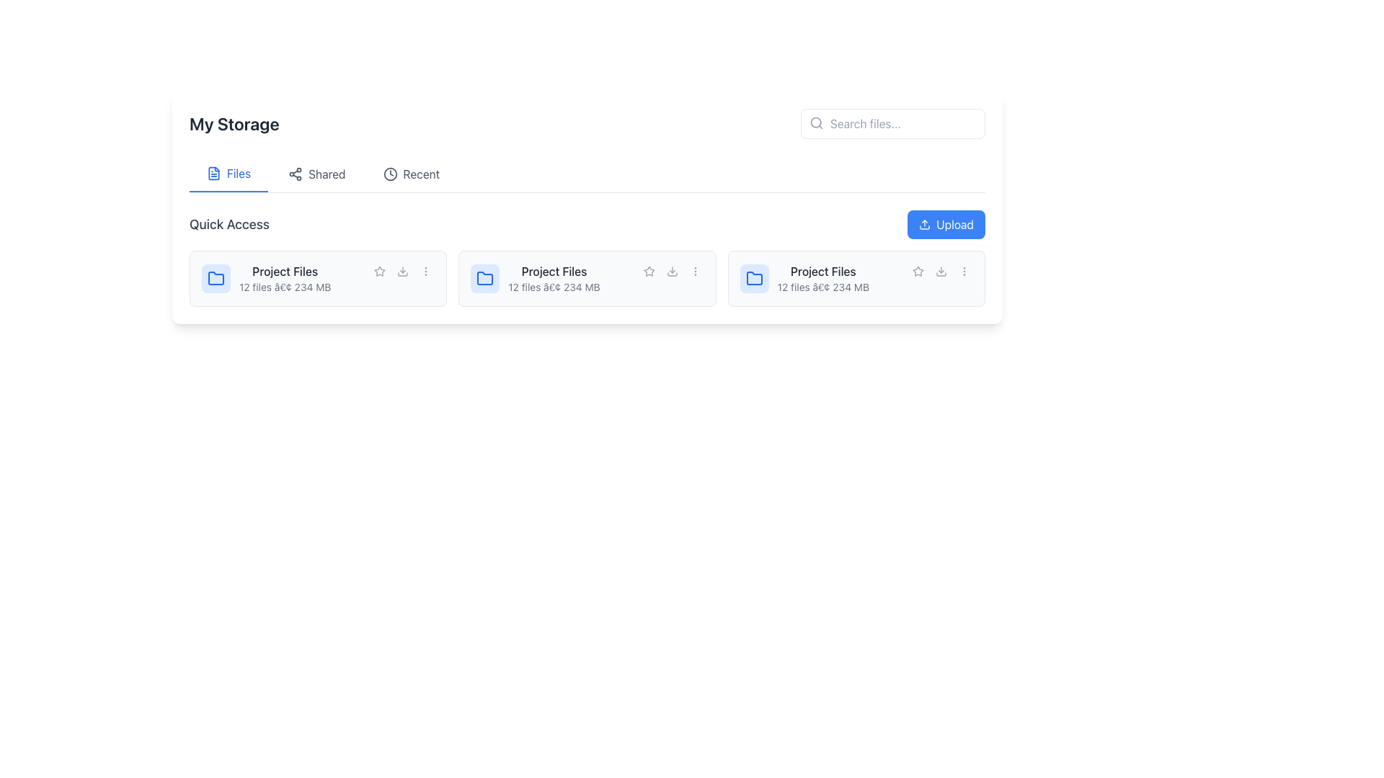 The height and width of the screenshot is (778, 1384). What do you see at coordinates (856, 278) in the screenshot?
I see `the folder icon of the 'Project Files' card, which is the third card in the 'Quick Access' section` at bounding box center [856, 278].